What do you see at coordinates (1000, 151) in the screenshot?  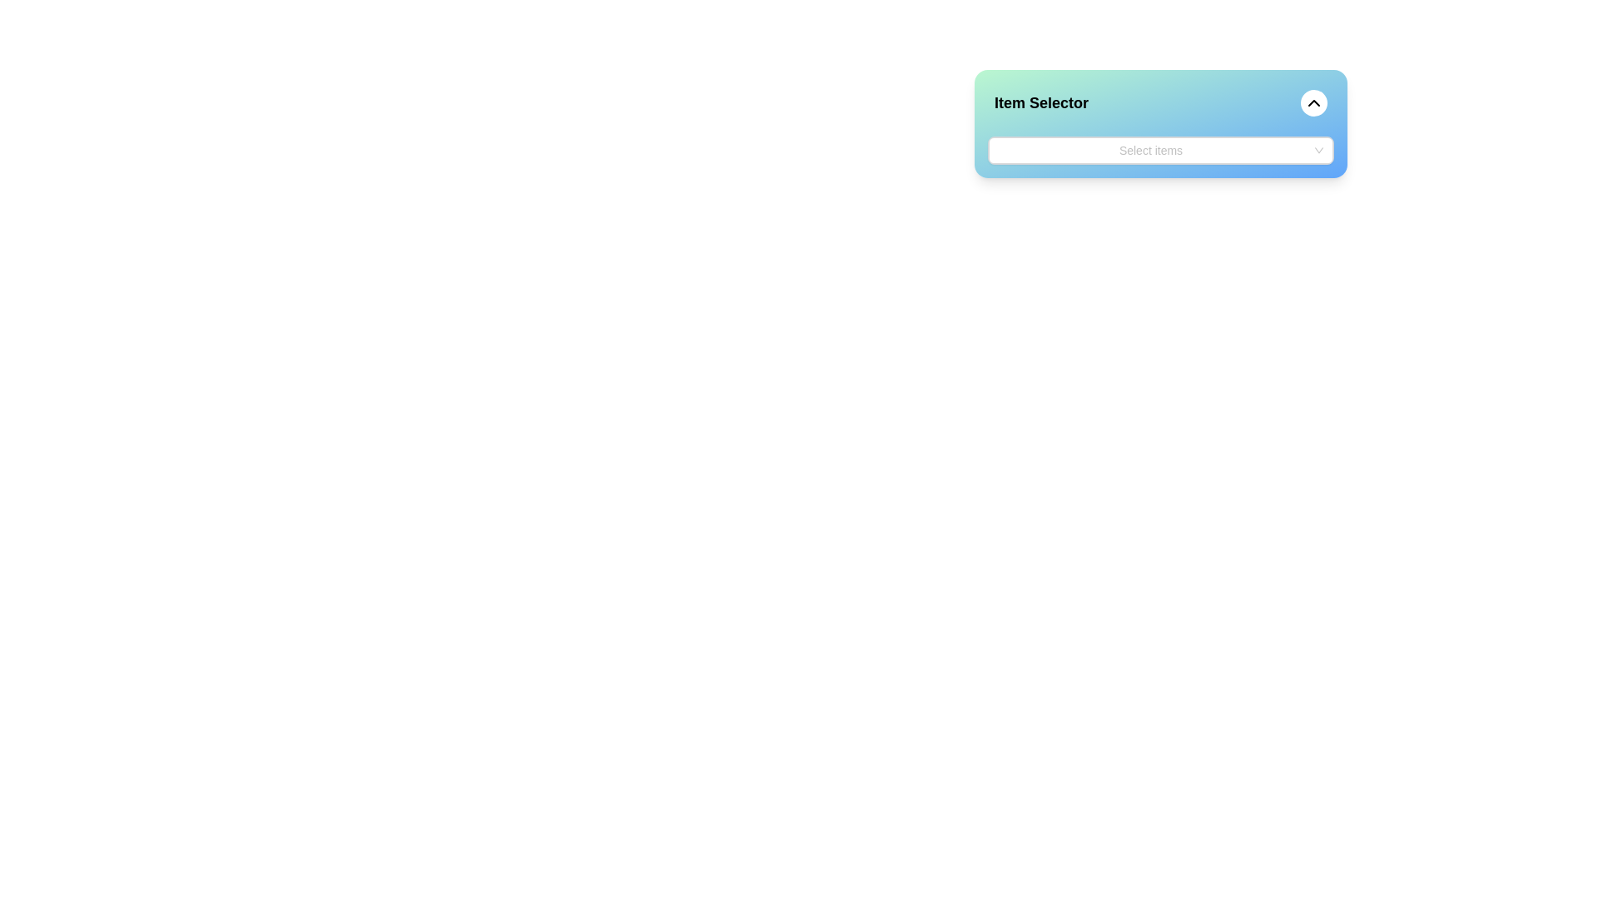 I see `keyboard shortcuts` at bounding box center [1000, 151].